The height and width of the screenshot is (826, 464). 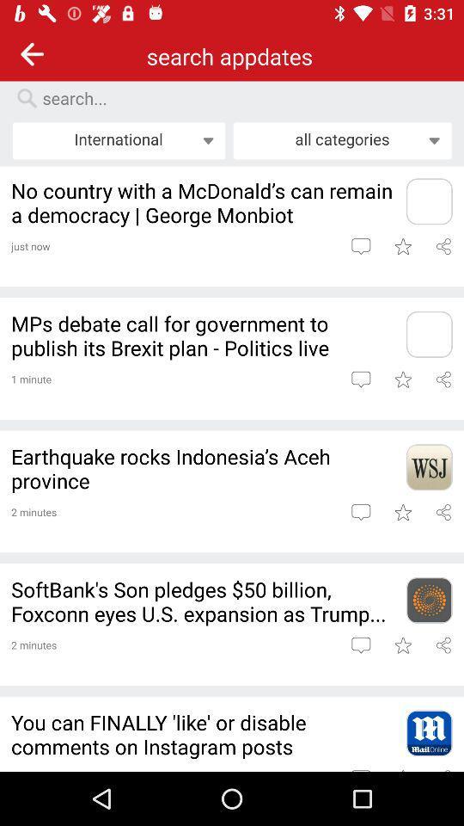 What do you see at coordinates (239, 98) in the screenshot?
I see `input search term` at bounding box center [239, 98].